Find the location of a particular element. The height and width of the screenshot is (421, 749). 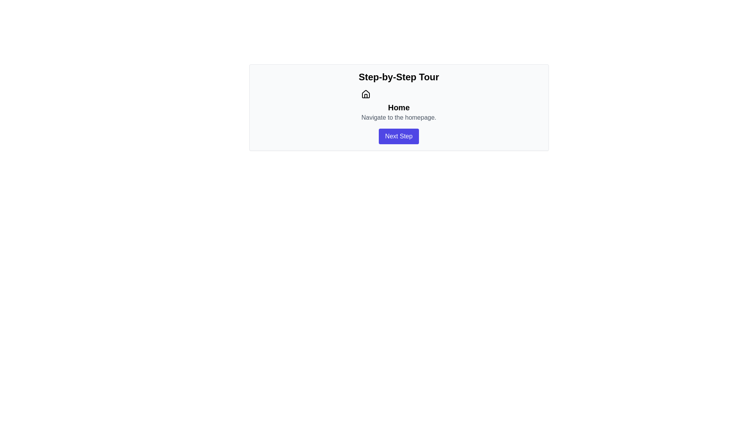

the 'Home' label element, which serves as a navigation option to direct users to the homepage is located at coordinates (399, 106).